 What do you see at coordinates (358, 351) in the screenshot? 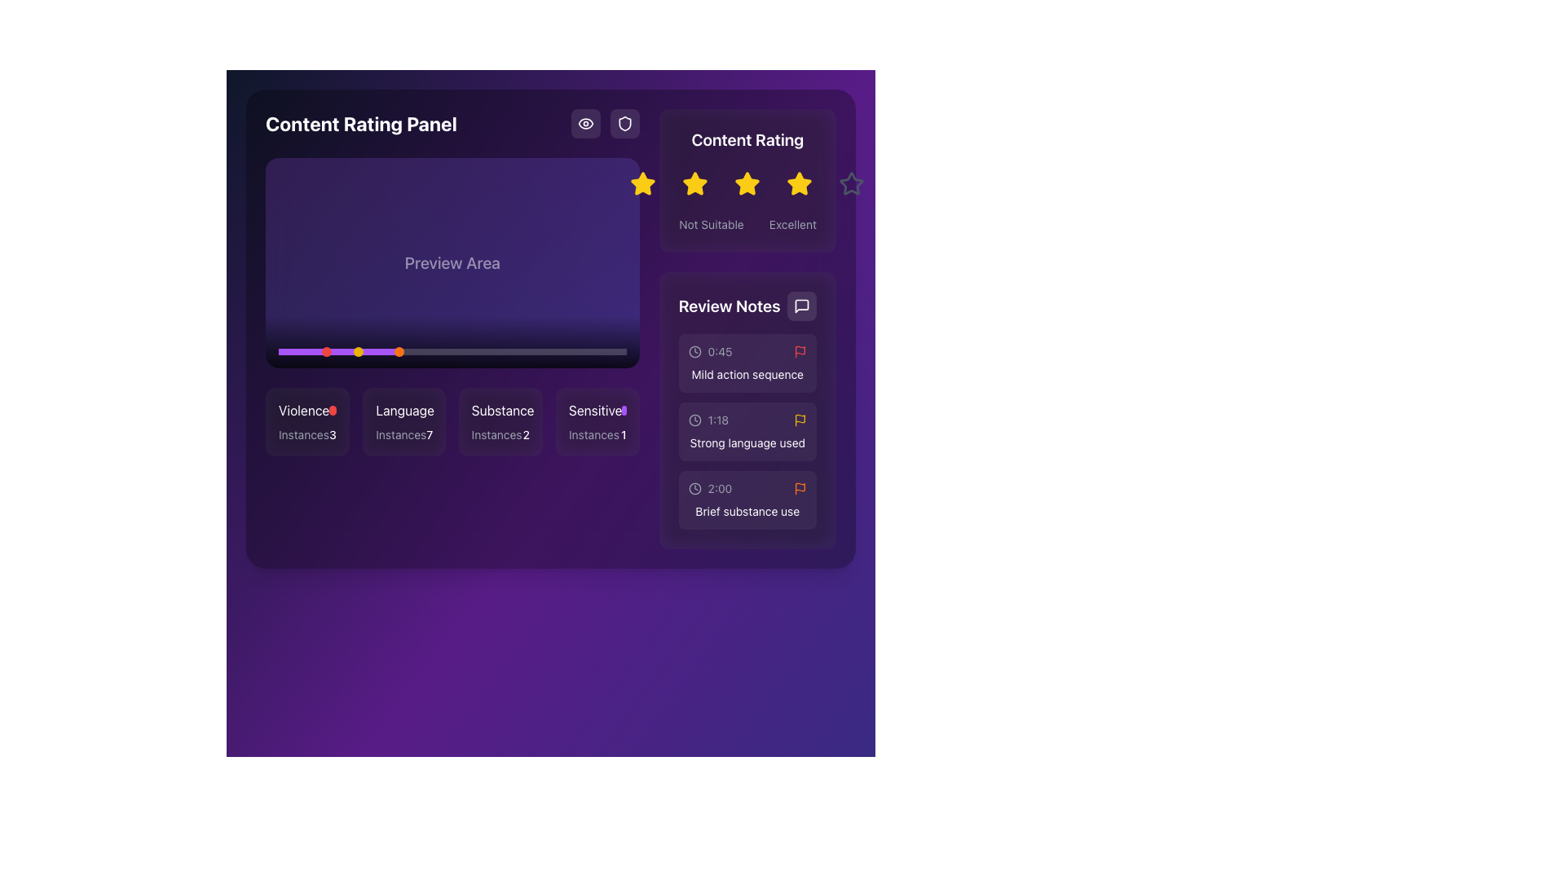
I see `the second marker labeled 'Strong language used' on the timeline, which is located near the left end of the progress bar` at bounding box center [358, 351].